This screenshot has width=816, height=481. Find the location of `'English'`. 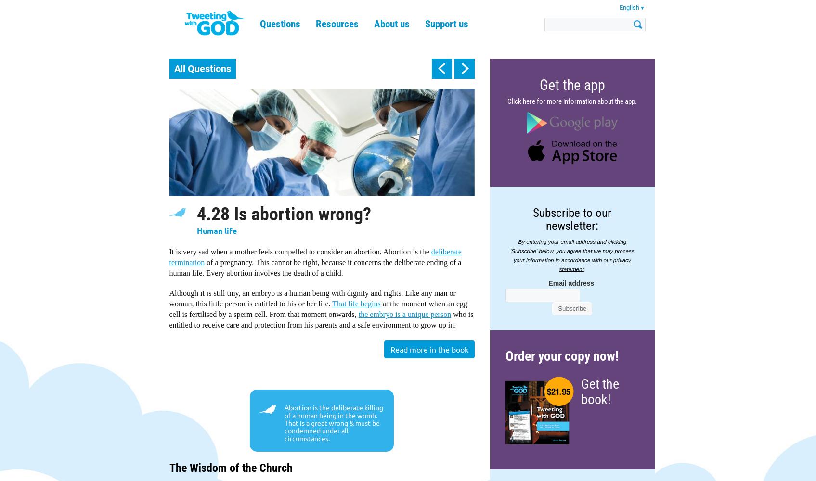

'English' is located at coordinates (629, 7).